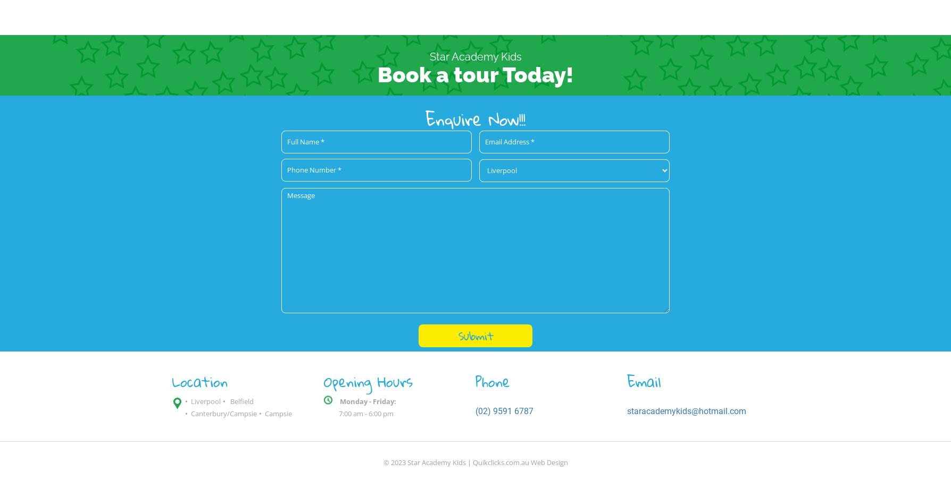 This screenshot has height=489, width=951. I want to click on 'Canterbury/Campsie', so click(223, 412).